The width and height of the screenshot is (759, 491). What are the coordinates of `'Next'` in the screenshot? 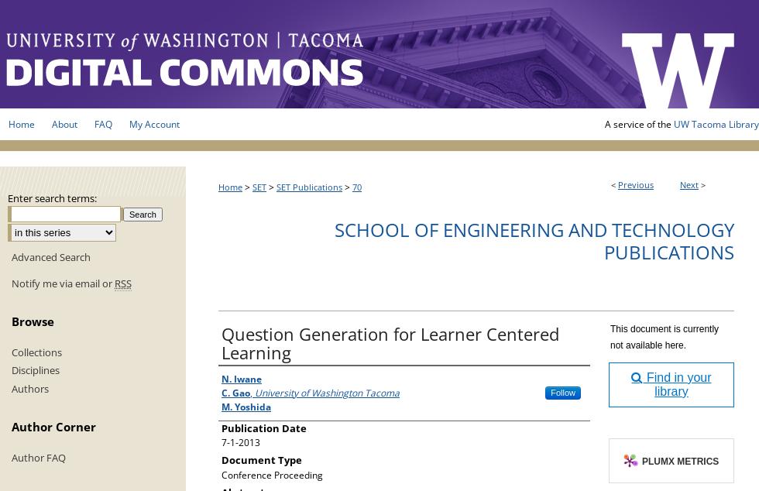 It's located at (689, 184).